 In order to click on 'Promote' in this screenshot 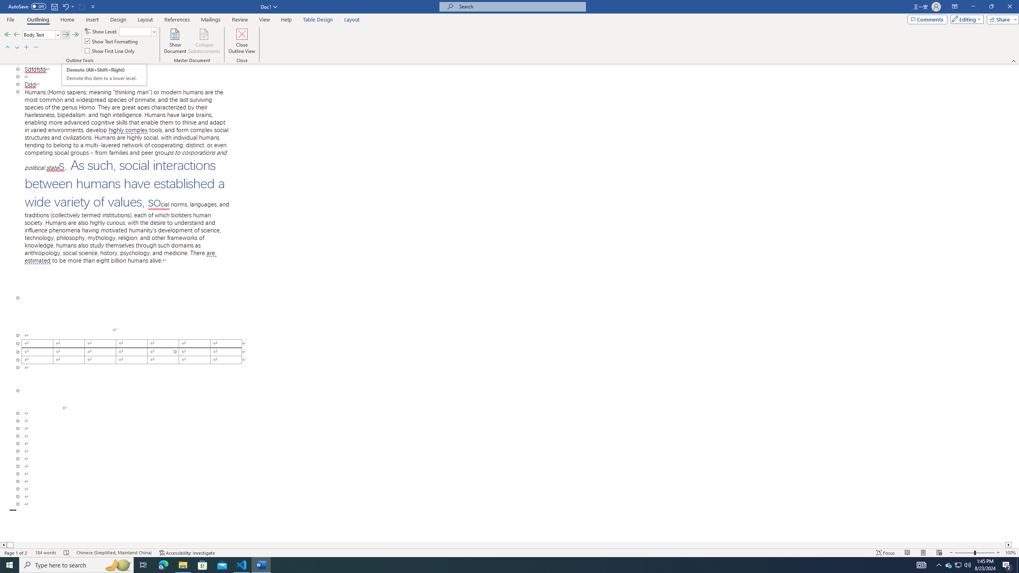, I will do `click(16, 35)`.